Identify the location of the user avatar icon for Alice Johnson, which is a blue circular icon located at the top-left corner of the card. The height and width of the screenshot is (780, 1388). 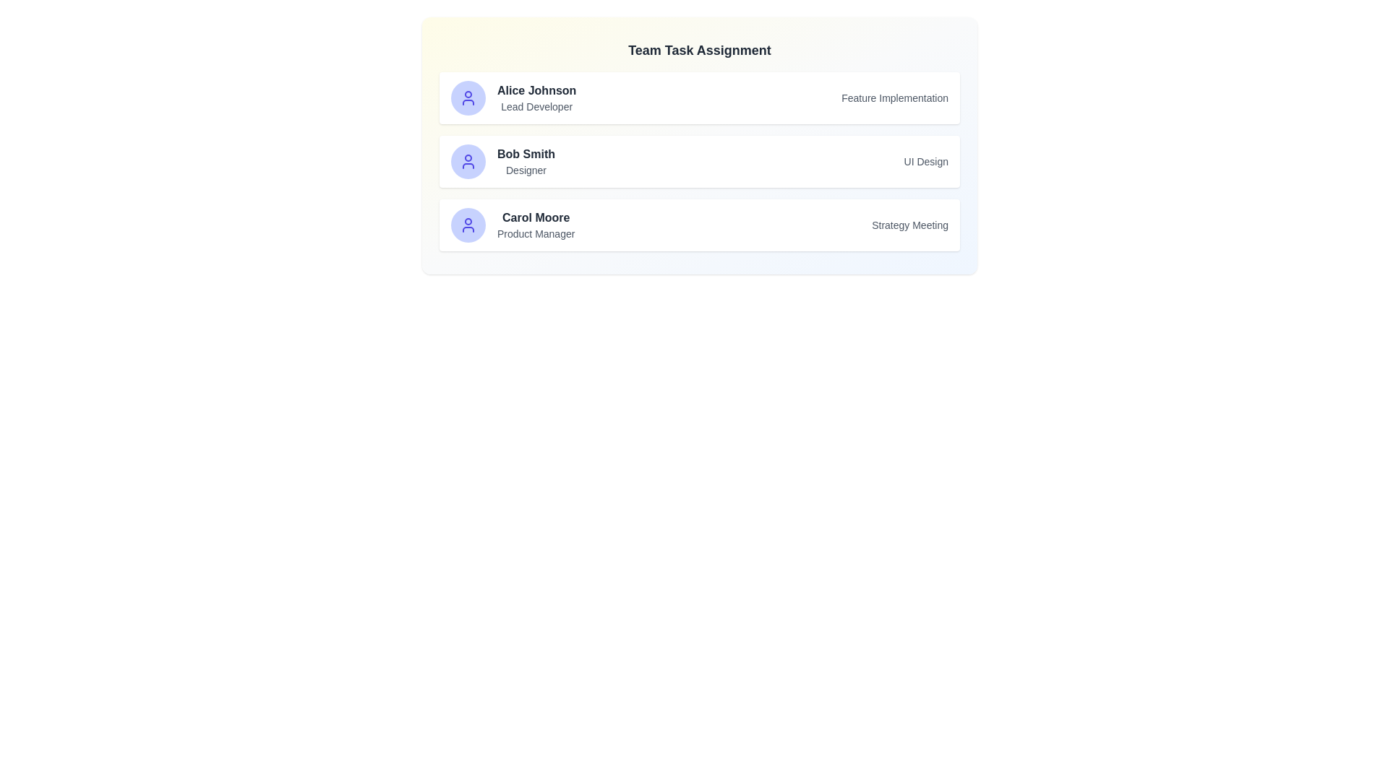
(468, 97).